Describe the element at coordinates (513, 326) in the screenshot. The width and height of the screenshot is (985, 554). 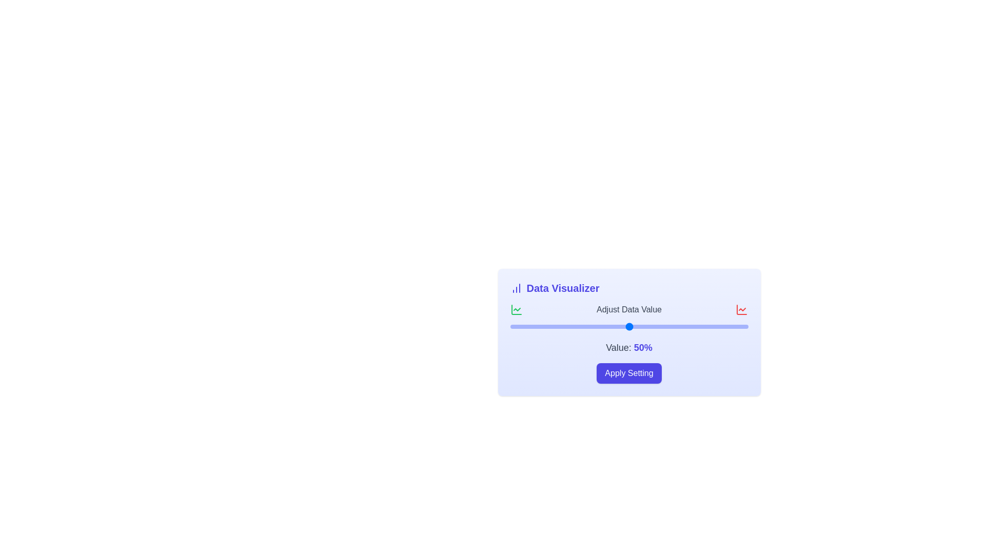
I see `the slider value` at that location.